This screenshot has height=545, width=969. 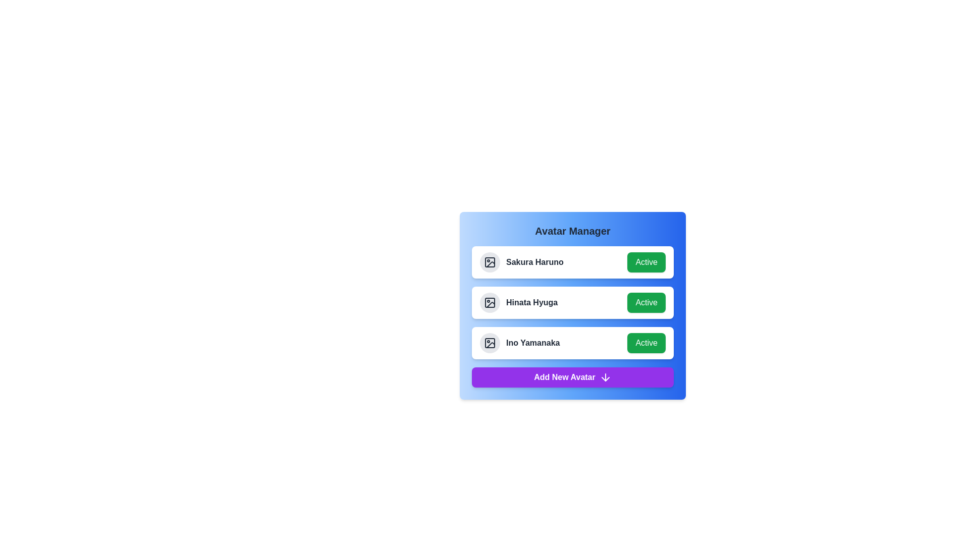 What do you see at coordinates (490, 342) in the screenshot?
I see `the 24x24 pixel image placeholder icon in the Avatar Manager component, located in the leftmost segment of the third row, aligned with the user's name and the green 'Active' indicator` at bounding box center [490, 342].